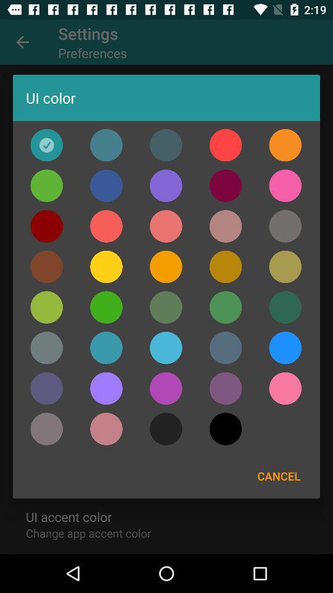 This screenshot has height=593, width=333. Describe the element at coordinates (106, 429) in the screenshot. I see `colour for ui` at that location.